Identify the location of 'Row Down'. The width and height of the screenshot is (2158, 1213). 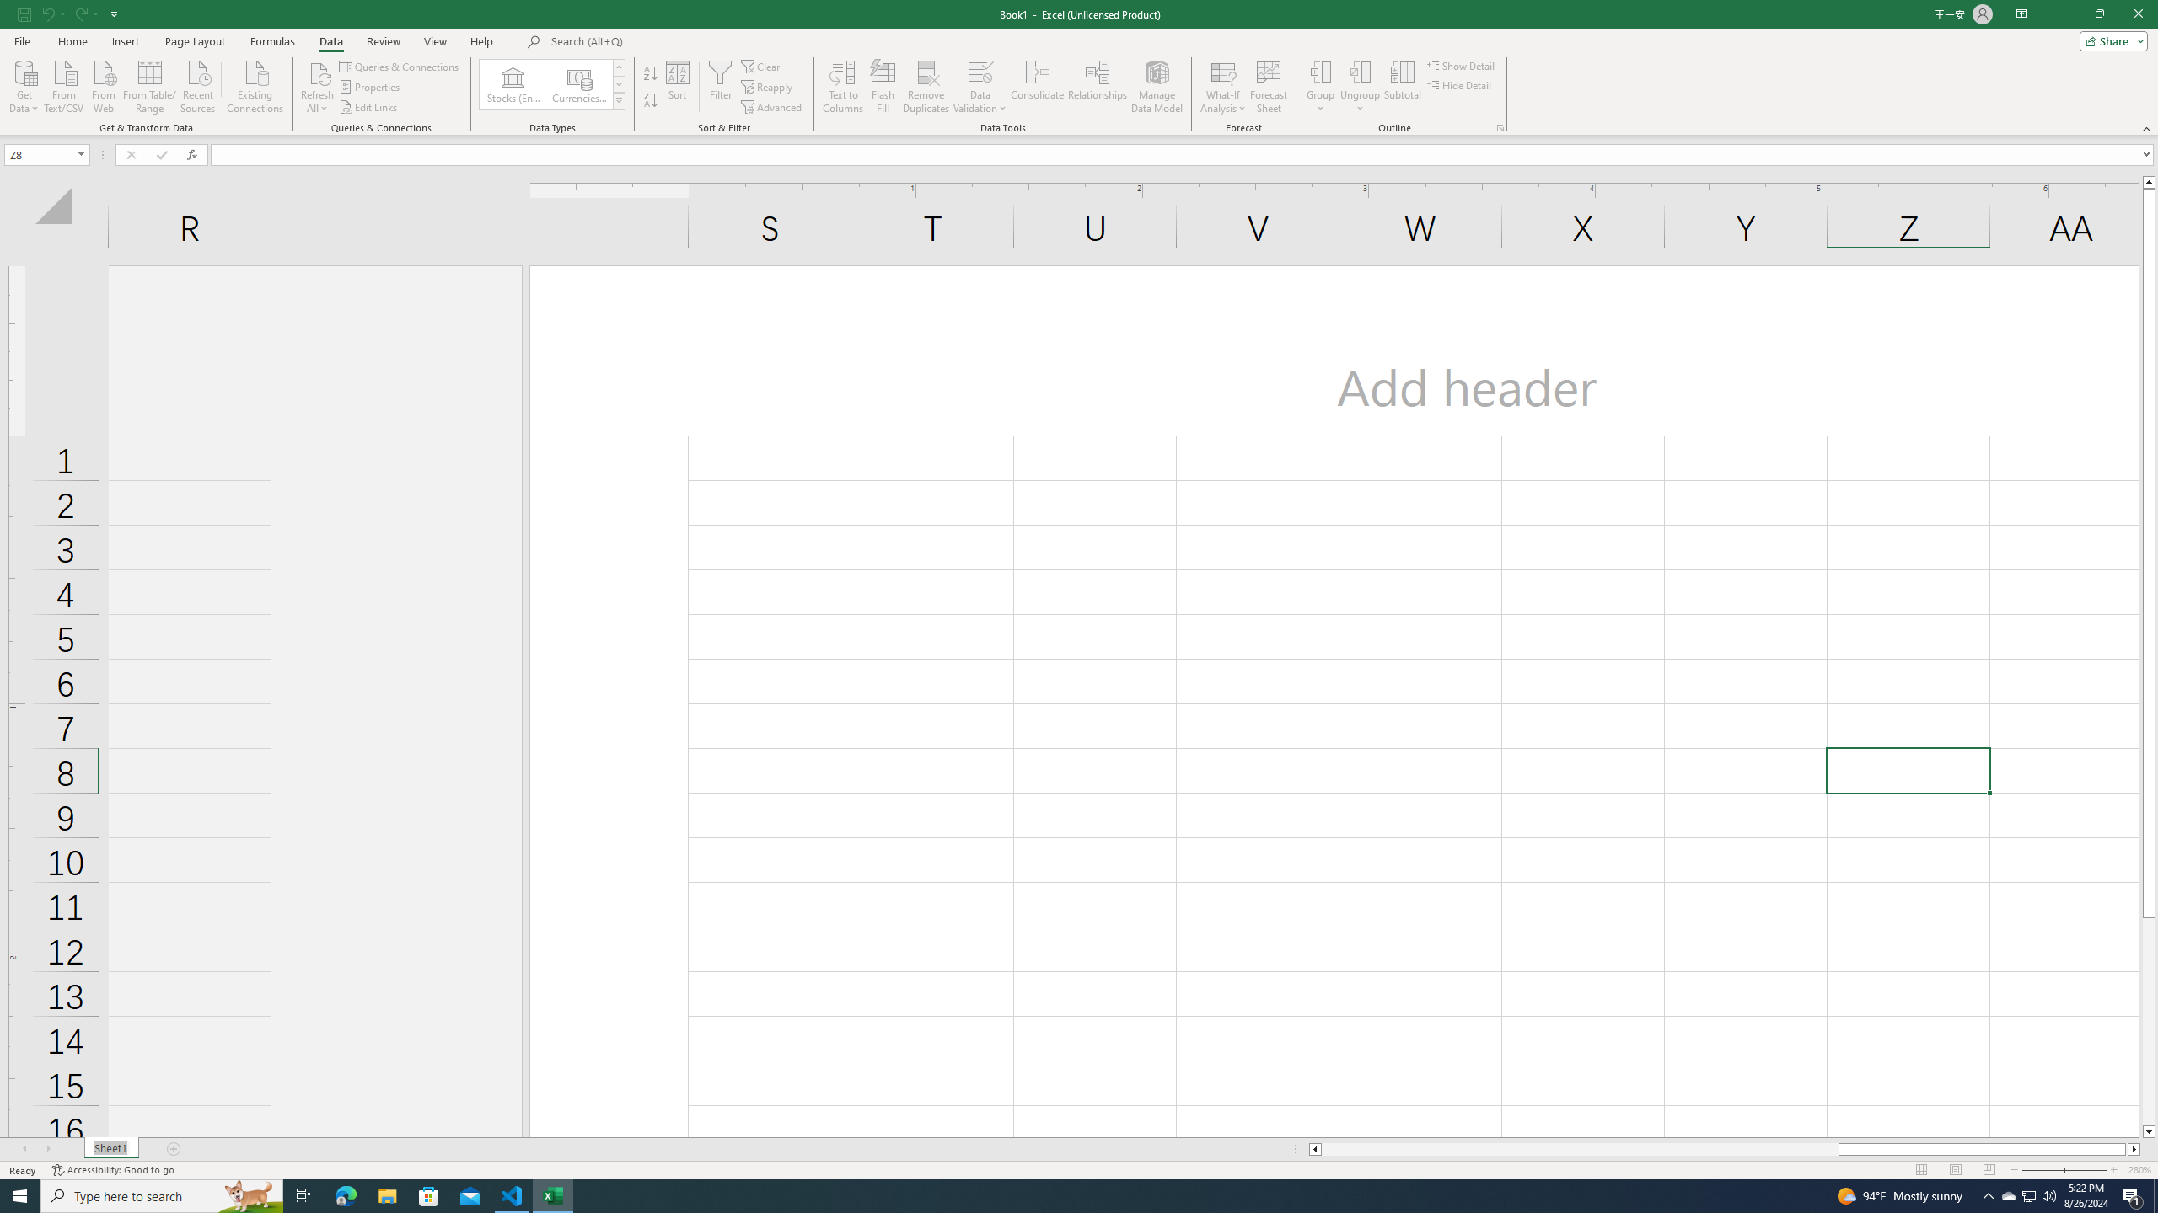
(618, 83).